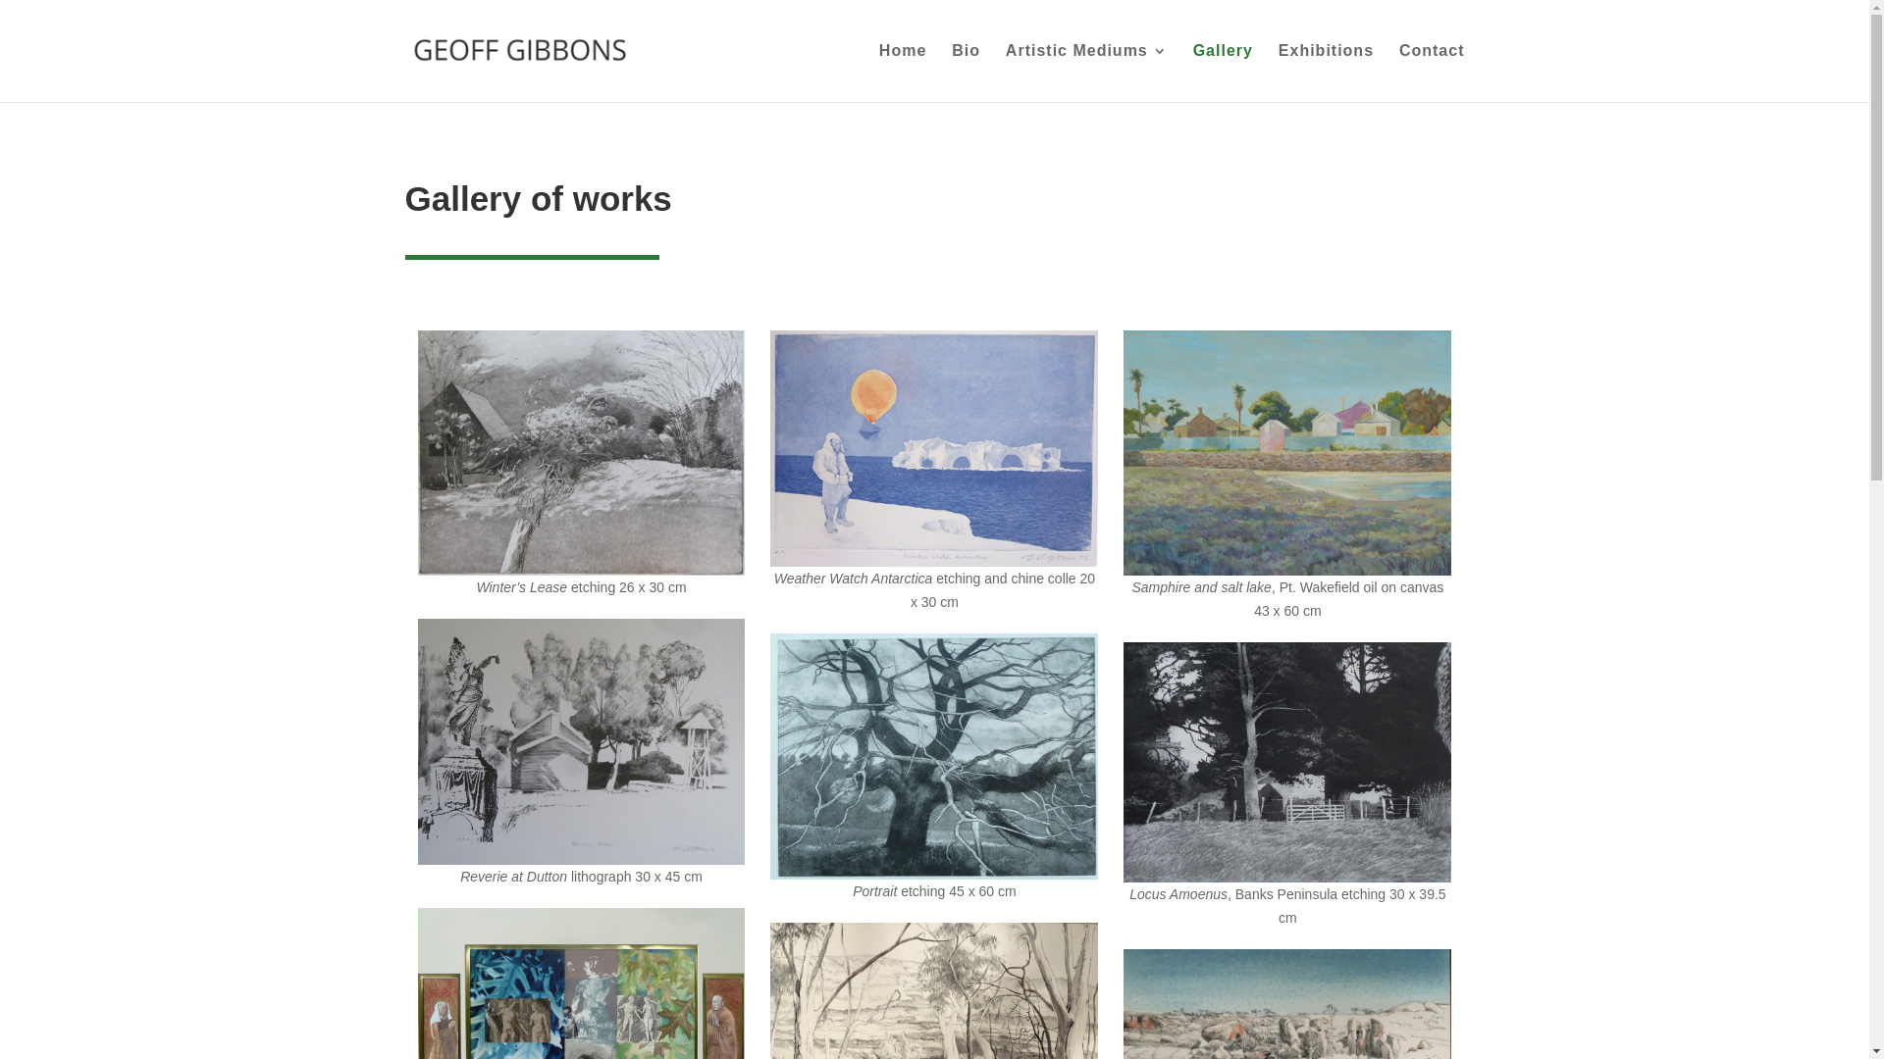 This screenshot has height=1059, width=1884. Describe the element at coordinates (1222, 72) in the screenshot. I see `'Gallery'` at that location.